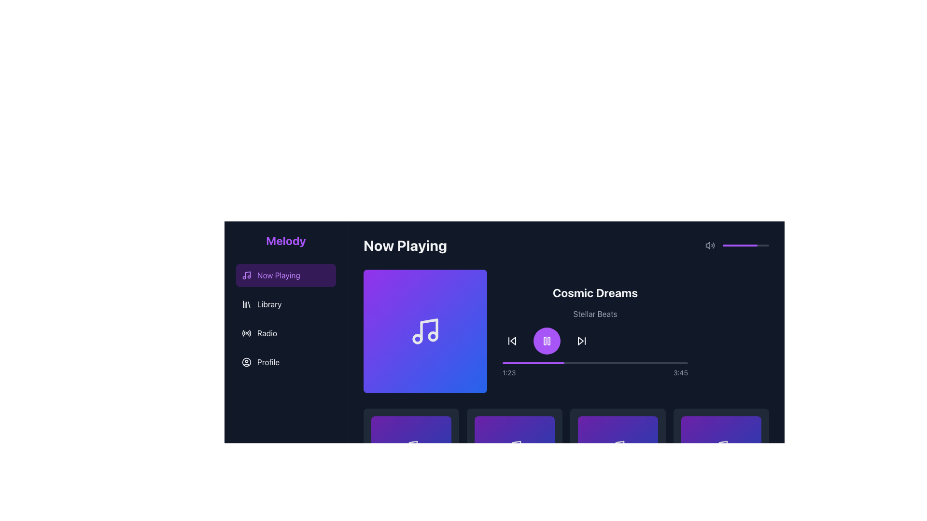 Image resolution: width=927 pixels, height=521 pixels. What do you see at coordinates (581, 340) in the screenshot?
I see `the skip-forward button, which is an icon with a triangular play symbol and a vertical bar, located to the right of the purple pause button in the media control bar` at bounding box center [581, 340].